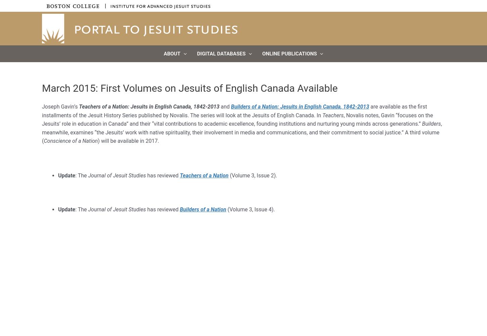 Image resolution: width=487 pixels, height=336 pixels. What do you see at coordinates (431, 123) in the screenshot?
I see `'Builders'` at bounding box center [431, 123].